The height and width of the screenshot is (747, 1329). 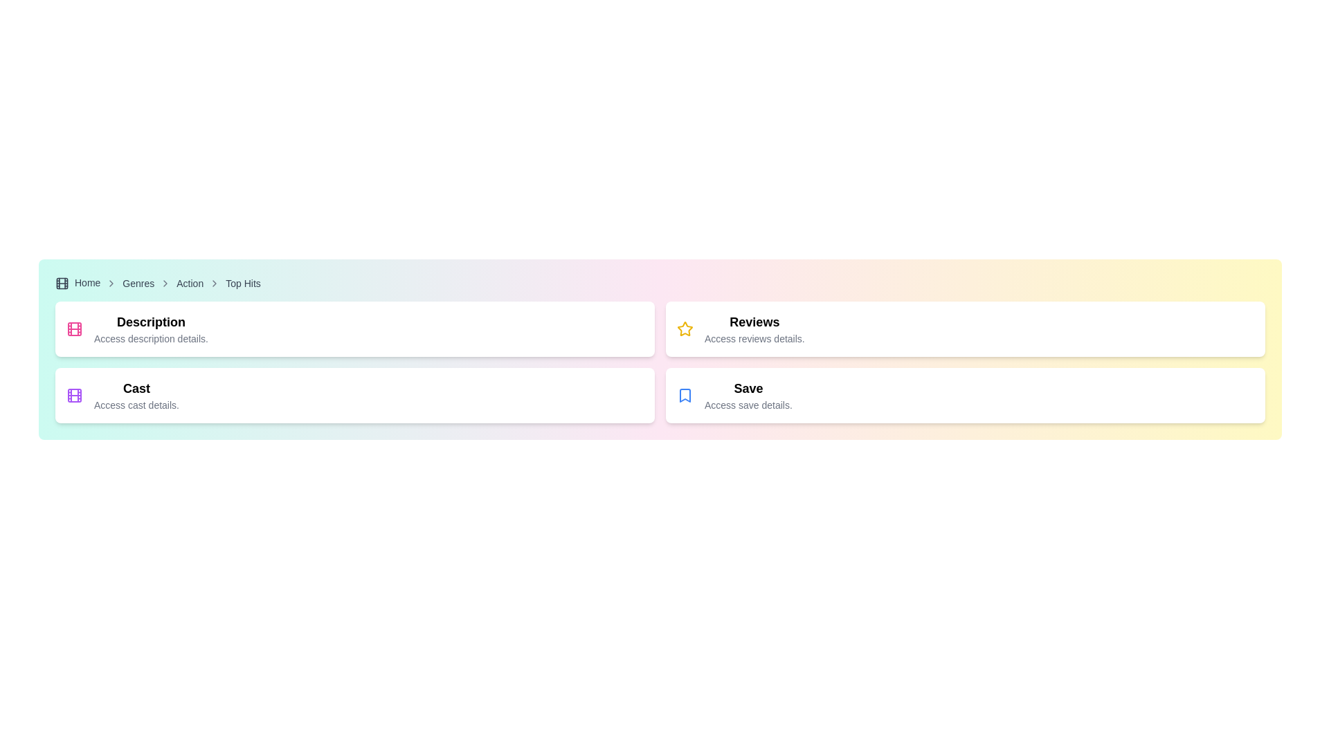 I want to click on the composite component in the bottom right quadrant of the interface that serves as a navigation or action prompt for saving details, located beneath the 'Reviews' card, so click(x=748, y=396).